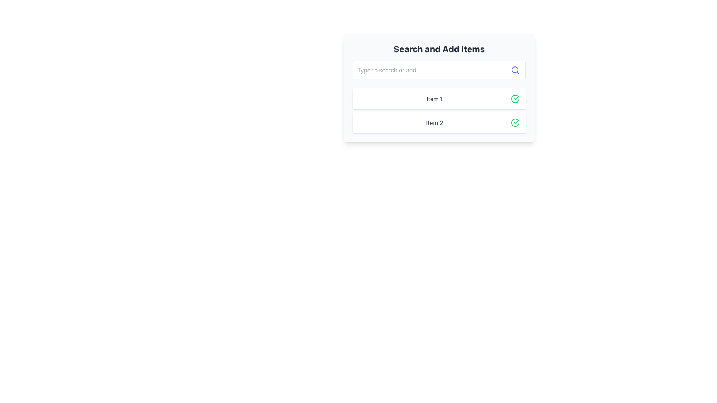 The width and height of the screenshot is (717, 403). What do you see at coordinates (515, 99) in the screenshot?
I see `the circular checkmark icon with a green outline located to the right of 'Item 1'` at bounding box center [515, 99].